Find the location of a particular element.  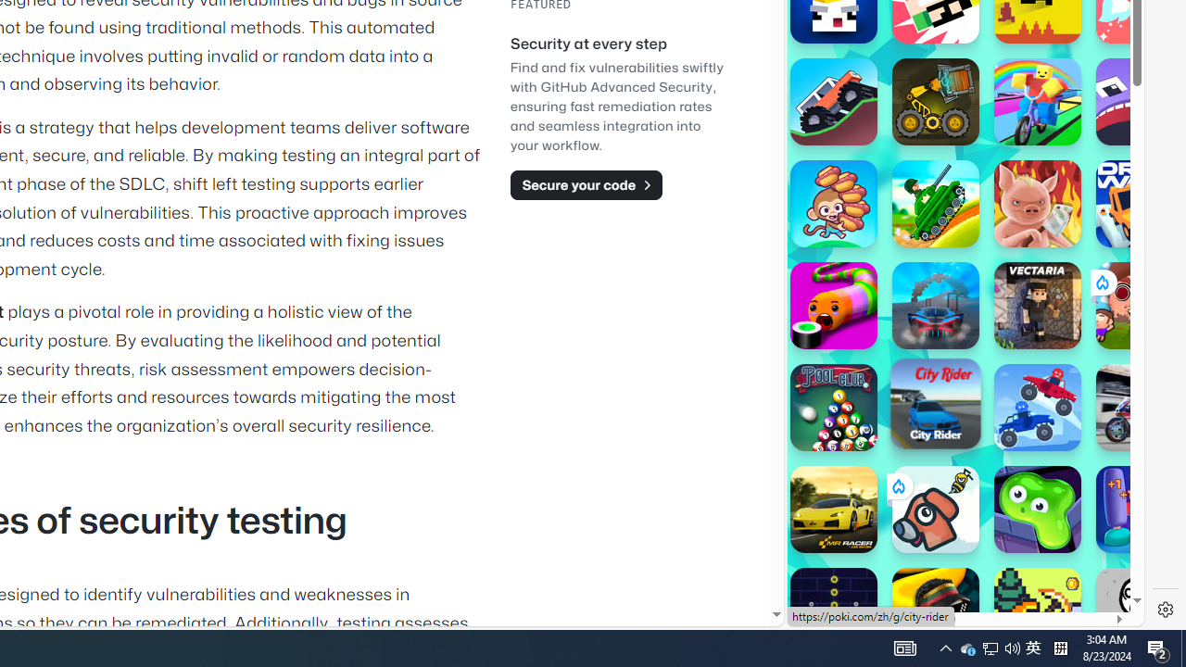

'Vectaria.io Vectaria.io' is located at coordinates (1038, 305).